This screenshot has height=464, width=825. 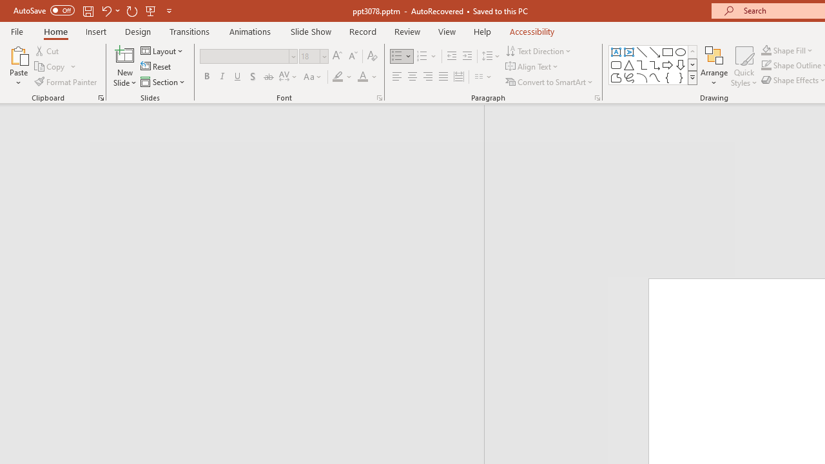 I want to click on 'Arrange', so click(x=713, y=66).